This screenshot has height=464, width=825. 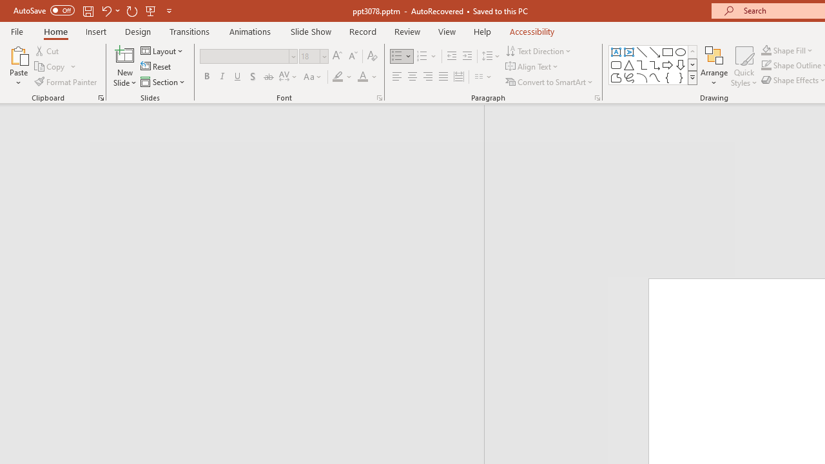 I want to click on 'Arrange', so click(x=713, y=66).